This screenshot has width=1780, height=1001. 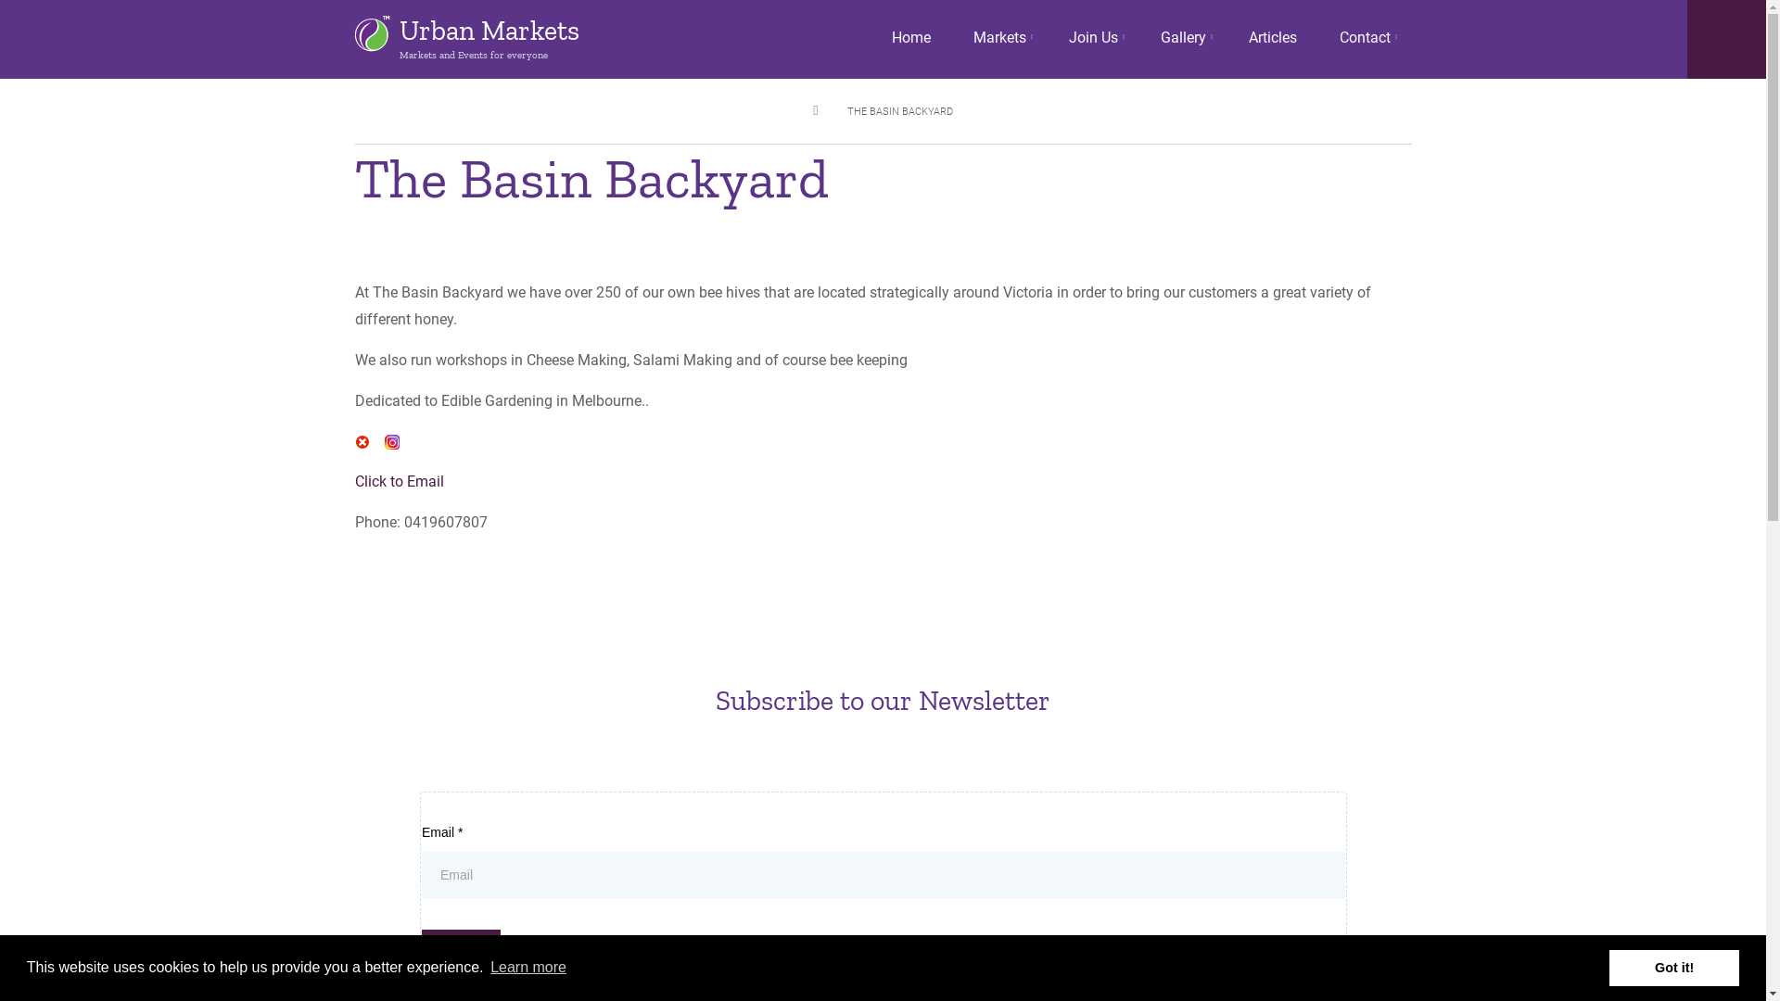 What do you see at coordinates (398, 480) in the screenshot?
I see `'Click to Email'` at bounding box center [398, 480].